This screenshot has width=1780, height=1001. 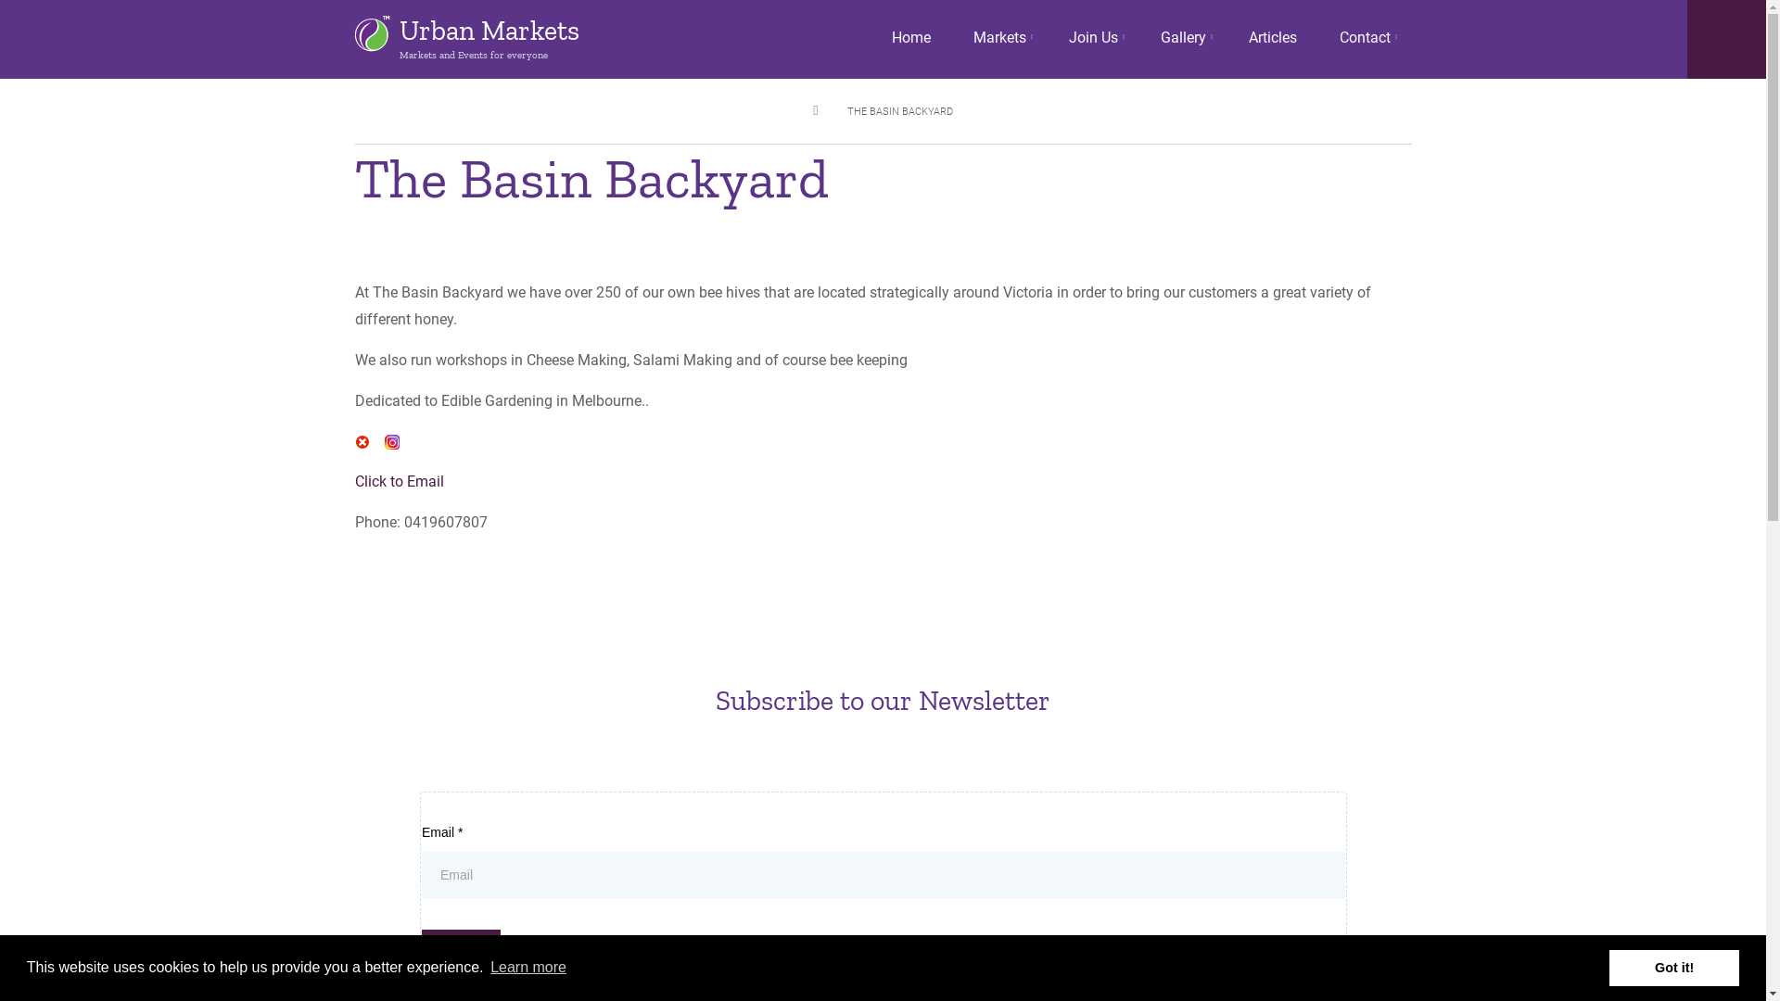 What do you see at coordinates (398, 480) in the screenshot?
I see `'Click to Email'` at bounding box center [398, 480].